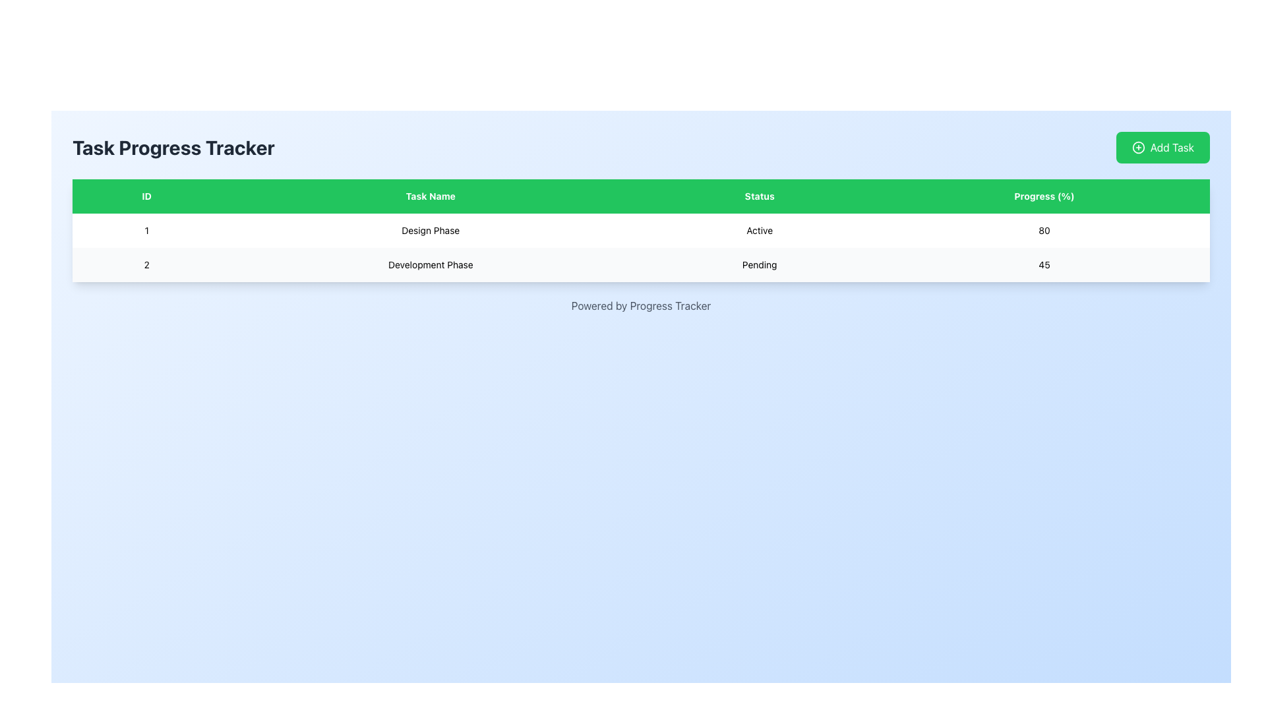 The image size is (1266, 712). Describe the element at coordinates (173, 147) in the screenshot. I see `the Text Label that serves as a header for tracking progress on tasks, located at the top-left corner of the interface` at that location.